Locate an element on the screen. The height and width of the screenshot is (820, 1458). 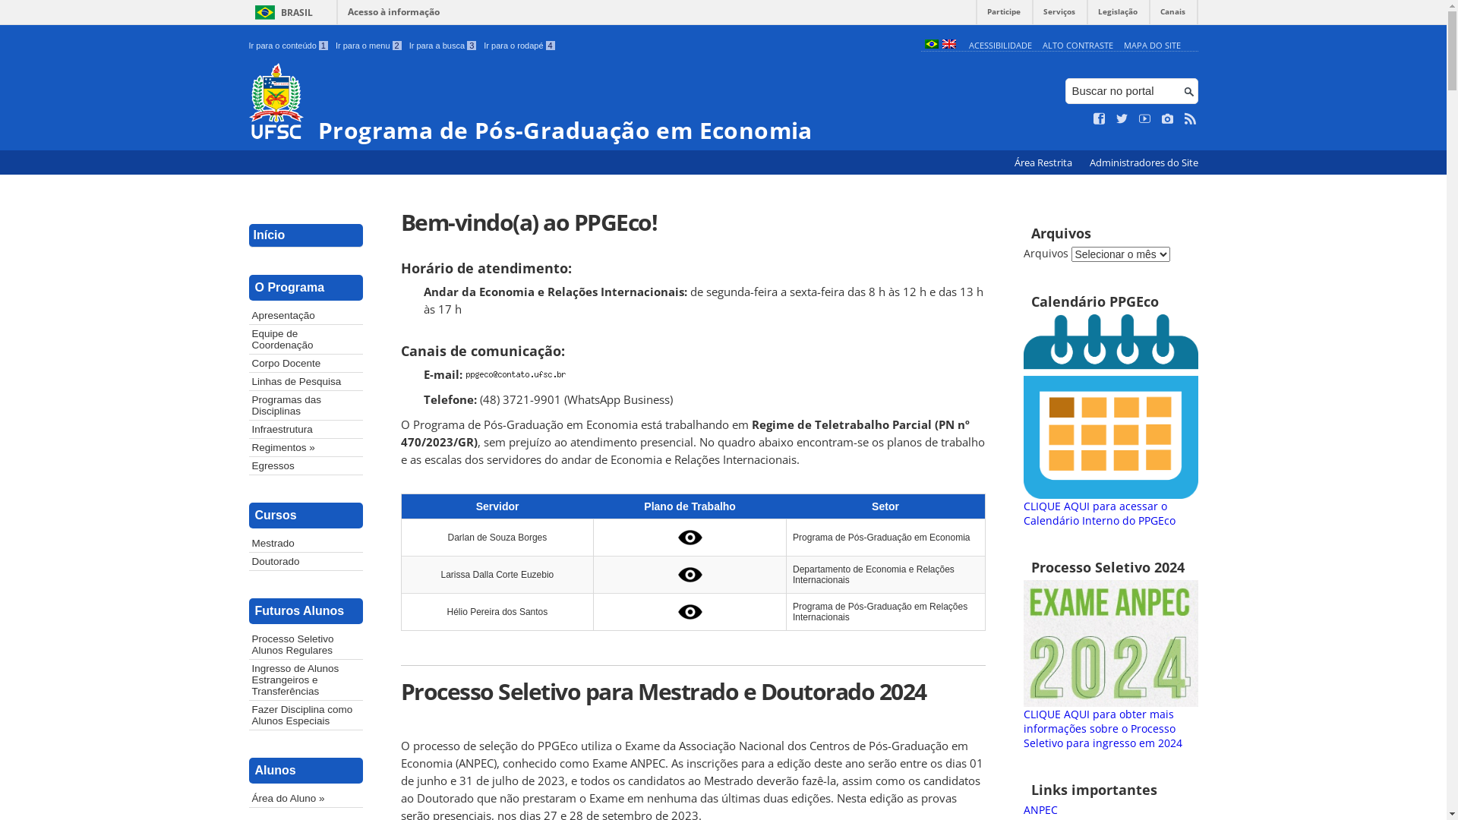
'ACESSIBILIDADE' is located at coordinates (968, 44).